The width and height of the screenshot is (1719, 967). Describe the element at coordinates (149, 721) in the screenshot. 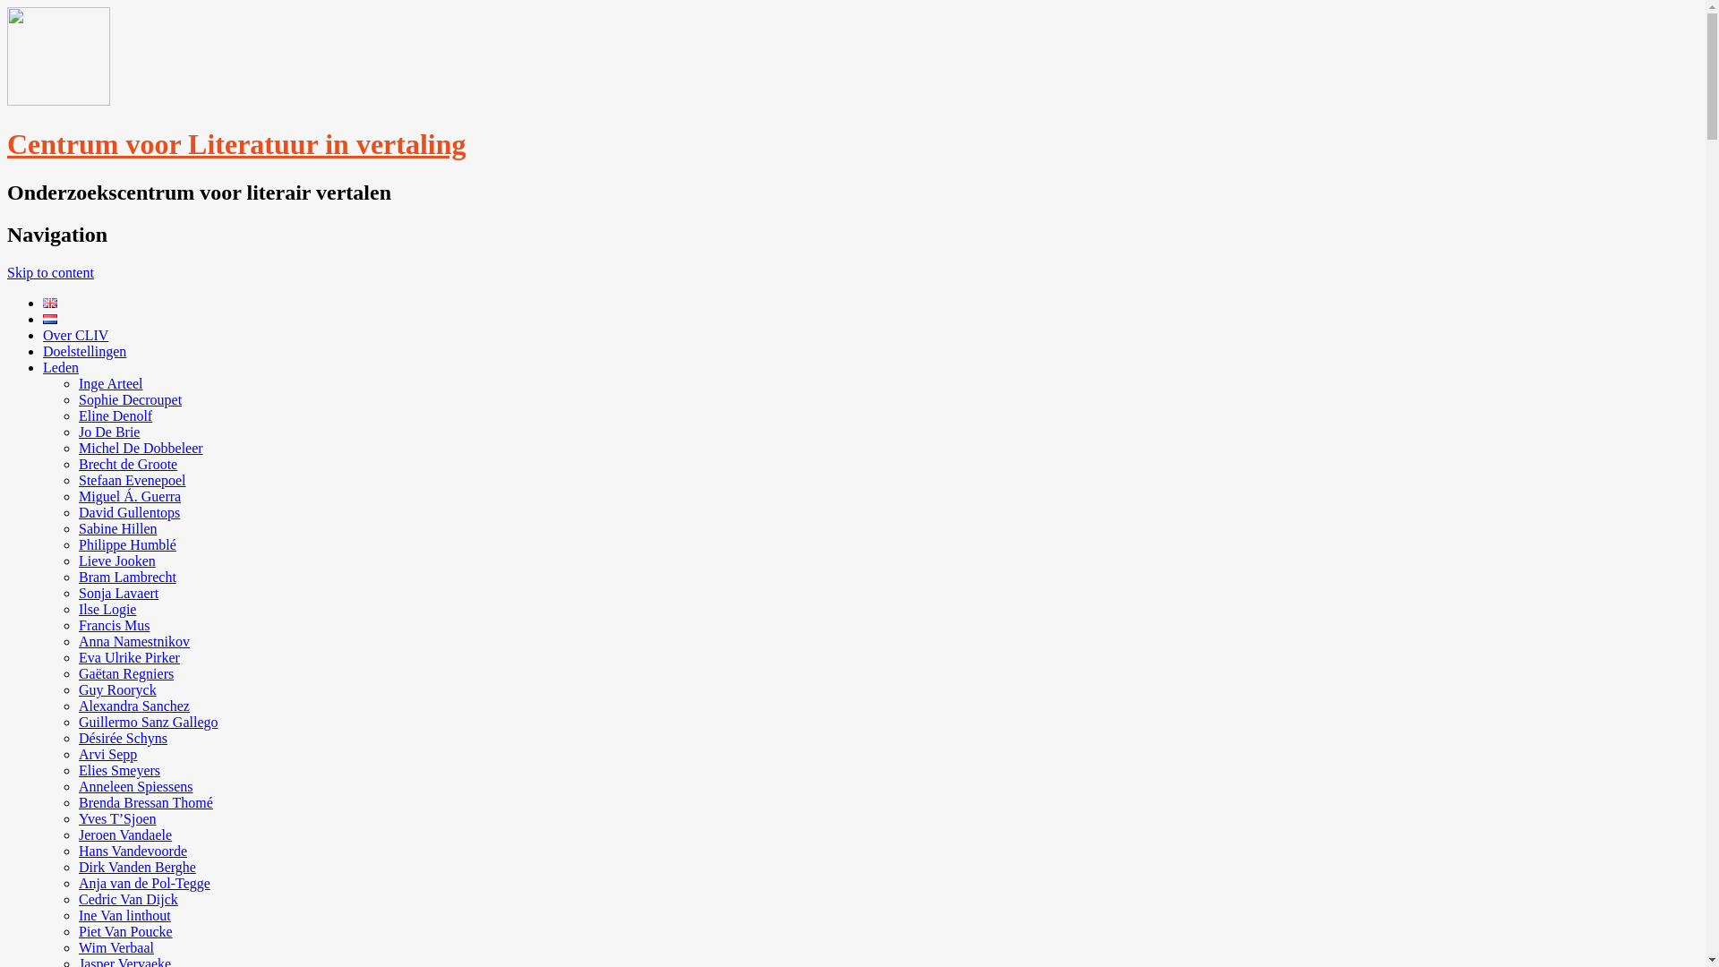

I see `'Guillermo Sanz Gallego'` at that location.